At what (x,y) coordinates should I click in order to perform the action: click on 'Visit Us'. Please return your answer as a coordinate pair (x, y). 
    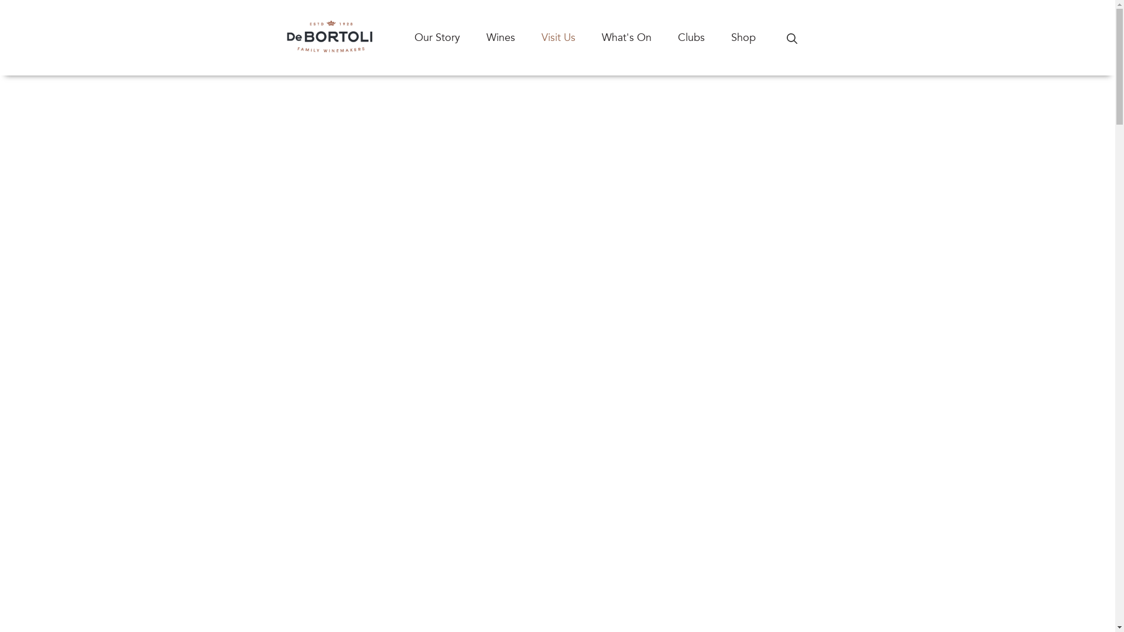
    Looking at the image, I should click on (571, 37).